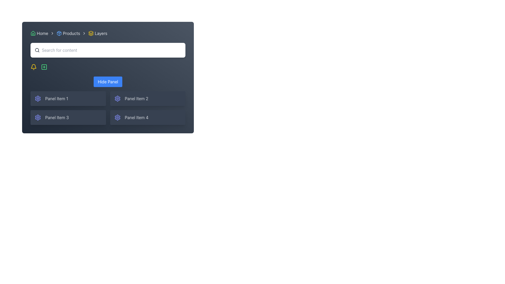 Image resolution: width=505 pixels, height=284 pixels. What do you see at coordinates (33, 67) in the screenshot?
I see `the yellow bell icon located at the top left of the panel` at bounding box center [33, 67].